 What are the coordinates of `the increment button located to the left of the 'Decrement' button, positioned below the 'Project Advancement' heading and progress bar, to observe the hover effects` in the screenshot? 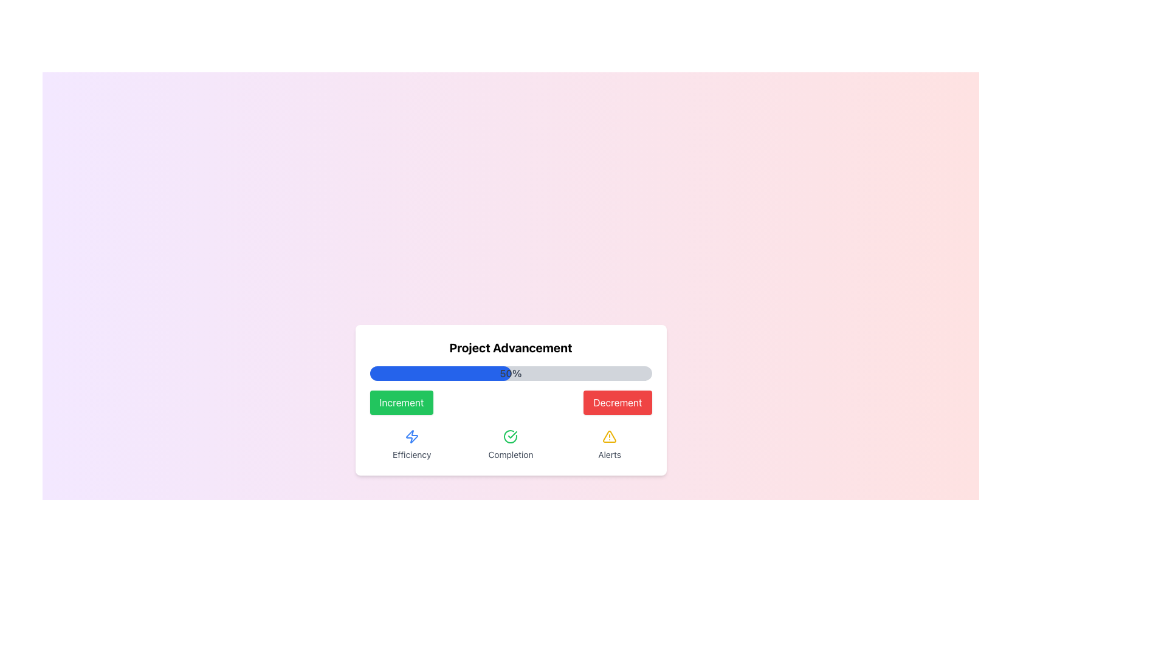 It's located at (402, 403).